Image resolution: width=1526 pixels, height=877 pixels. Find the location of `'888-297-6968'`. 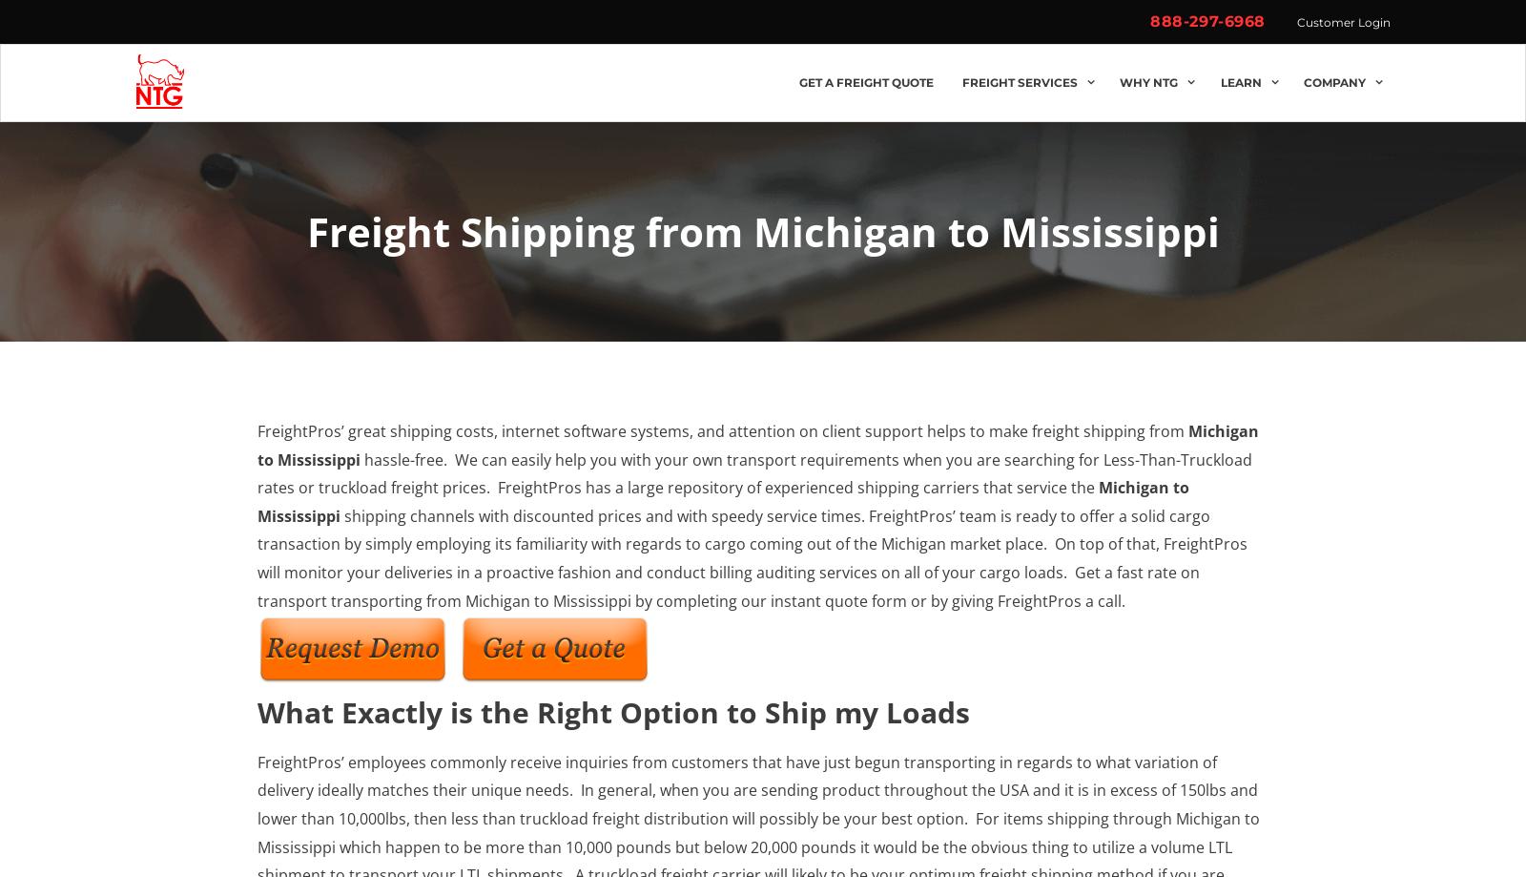

'888-297-6968' is located at coordinates (1206, 21).